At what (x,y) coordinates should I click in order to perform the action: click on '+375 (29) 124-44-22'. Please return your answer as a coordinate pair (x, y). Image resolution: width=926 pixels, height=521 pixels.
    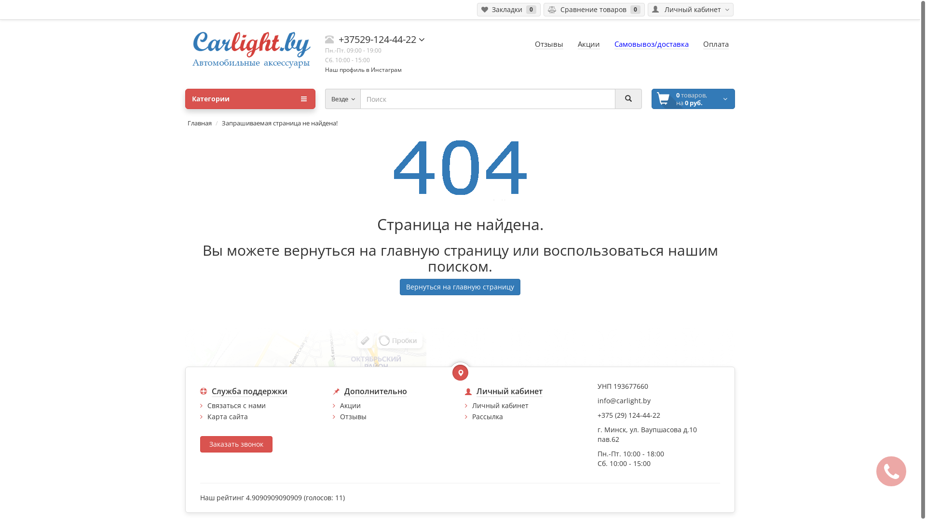
    Looking at the image, I should click on (597, 414).